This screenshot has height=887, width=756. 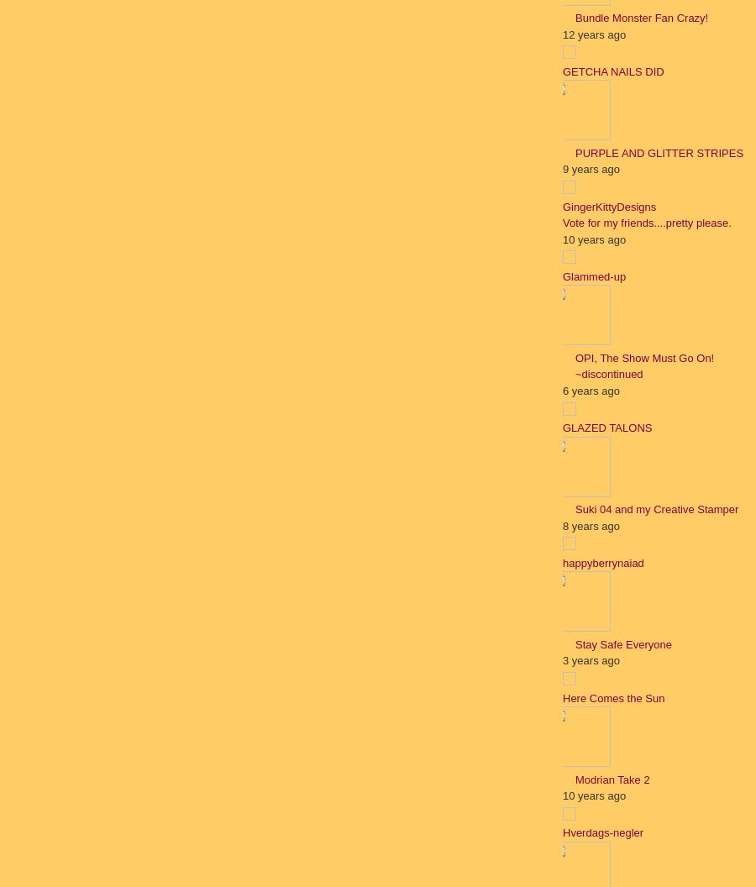 I want to click on 'GLAZED TALONS', so click(x=562, y=427).